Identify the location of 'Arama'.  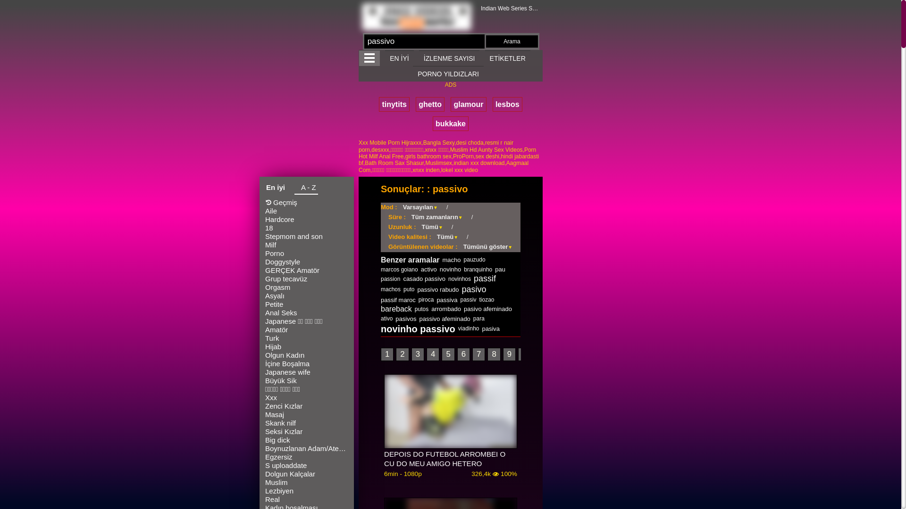
(511, 41).